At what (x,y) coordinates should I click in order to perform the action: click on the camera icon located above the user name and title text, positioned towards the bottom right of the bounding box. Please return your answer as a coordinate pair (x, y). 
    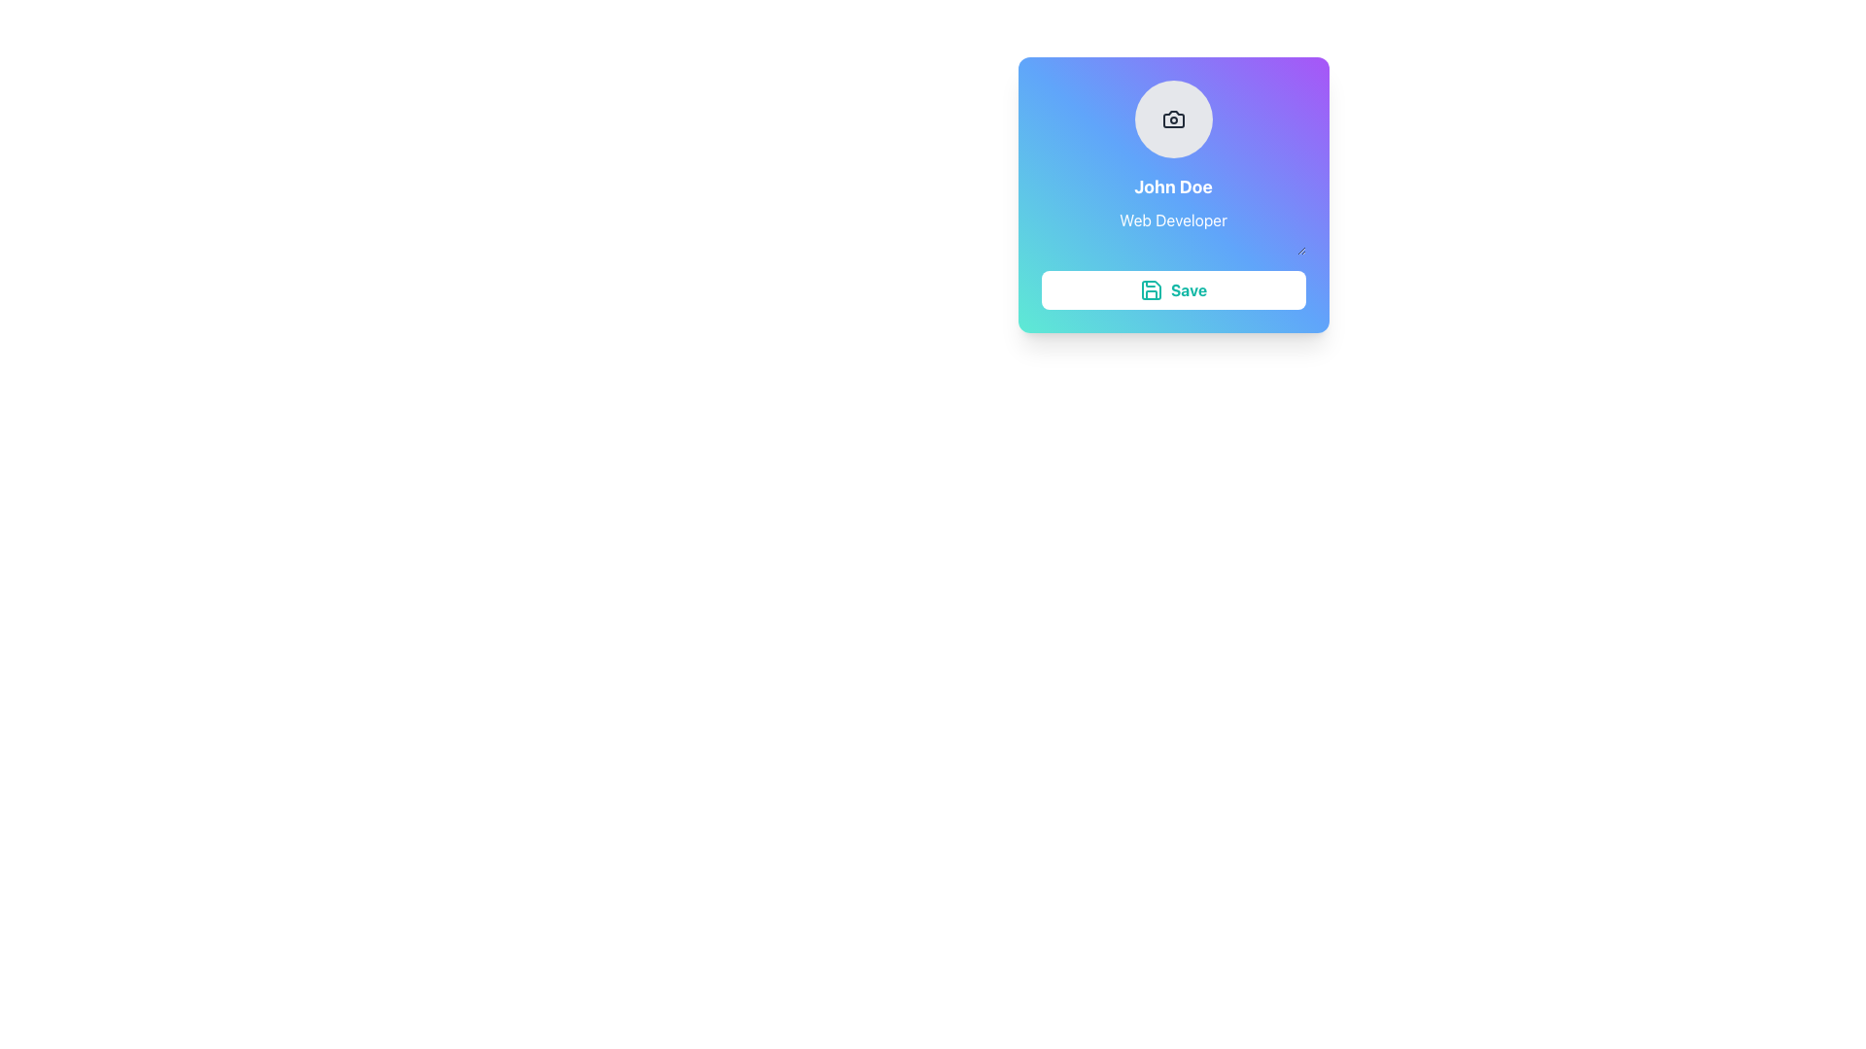
    Looking at the image, I should click on (1172, 119).